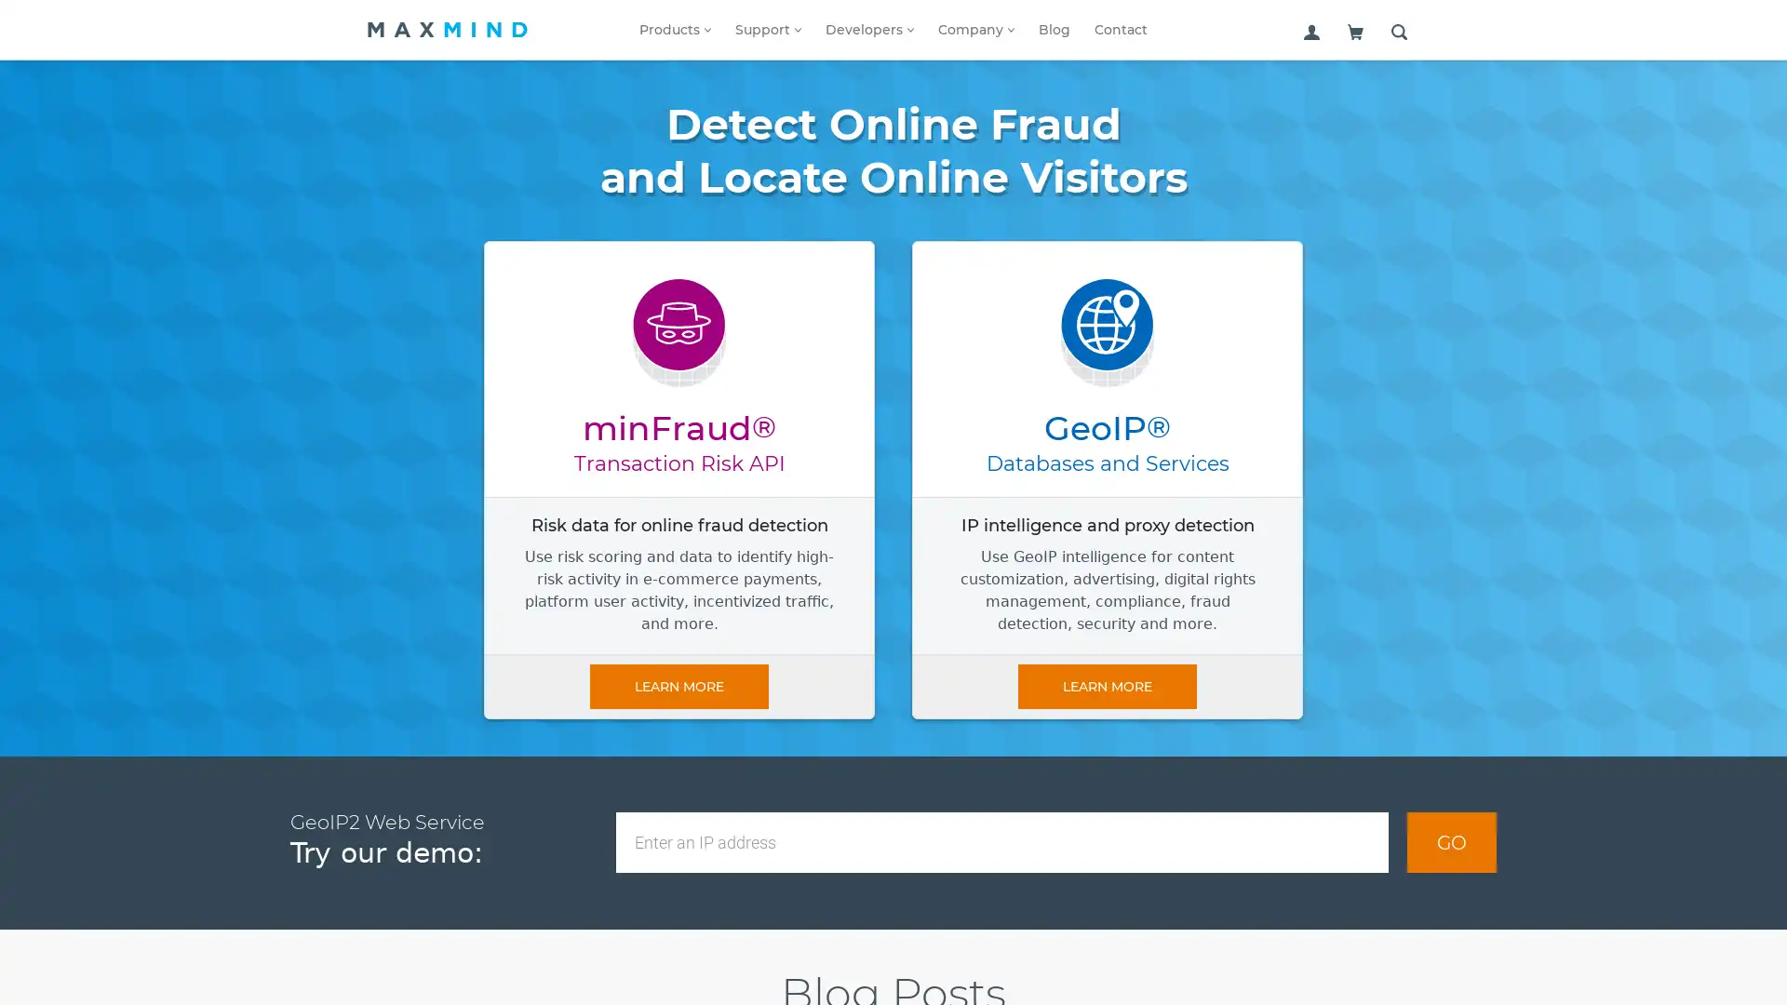 This screenshot has height=1005, width=1787. I want to click on Contact, so click(1120, 29).